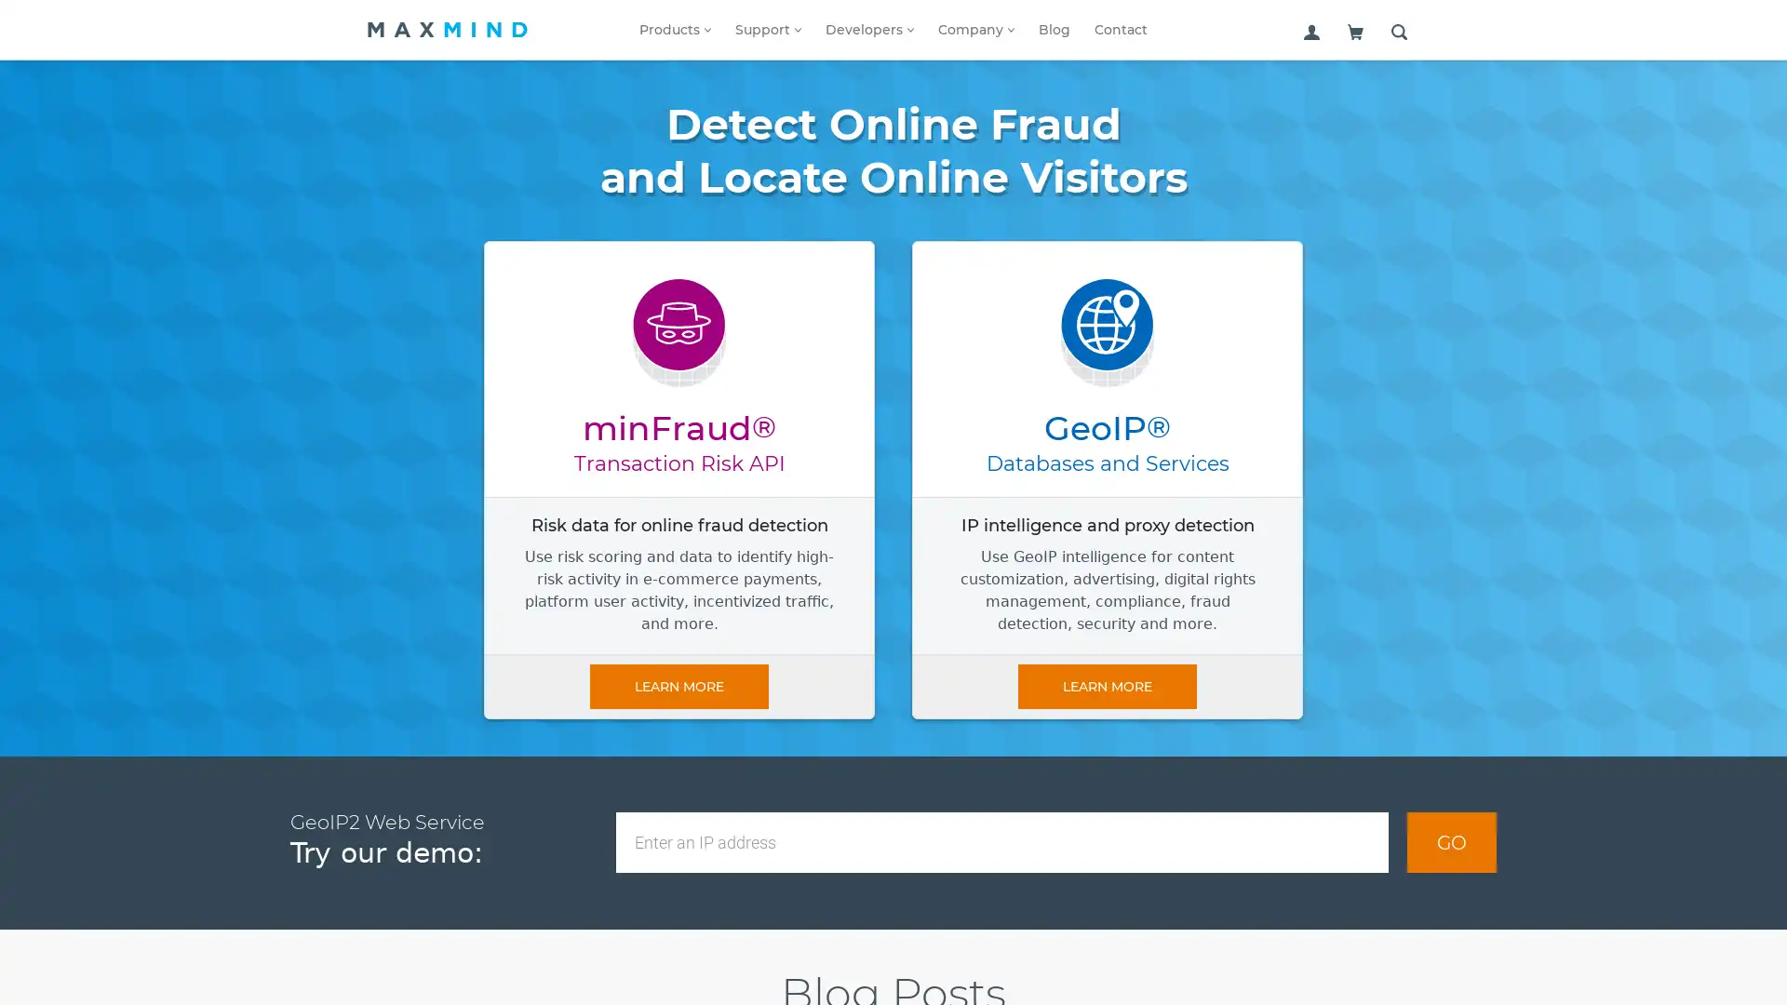 This screenshot has height=1005, width=1787. I want to click on Contact, so click(1120, 29).